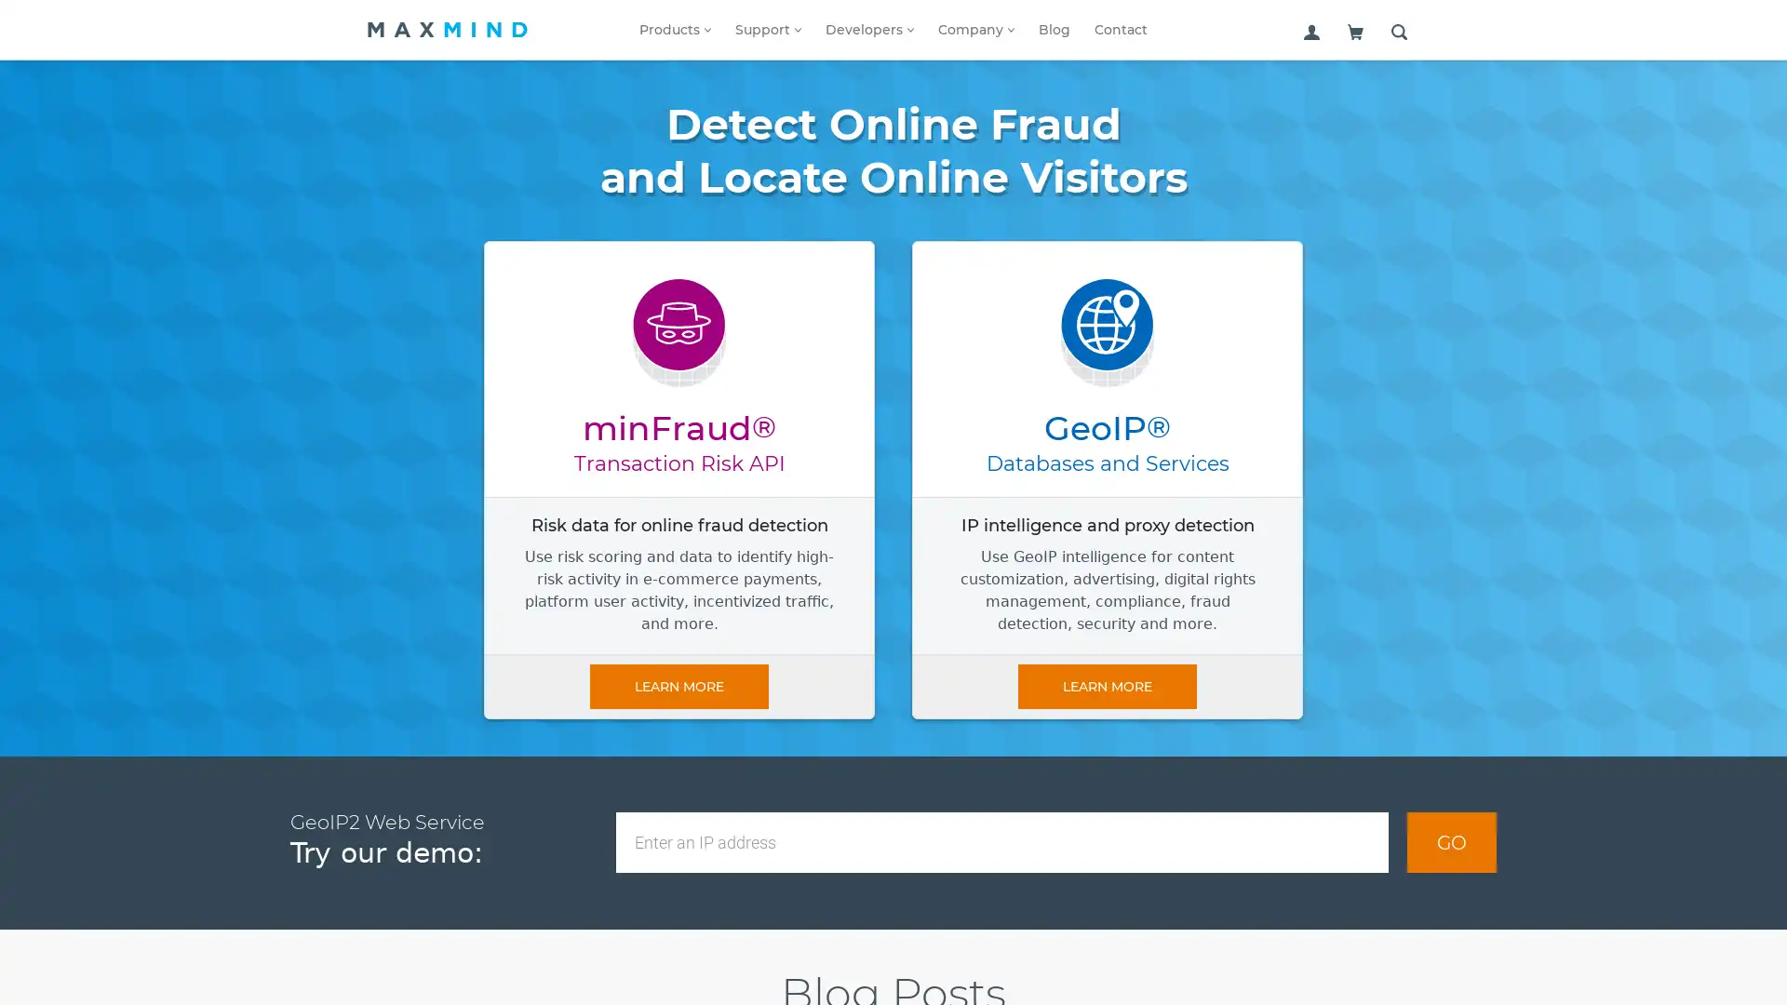 This screenshot has height=1005, width=1787. I want to click on Contact, so click(1120, 29).